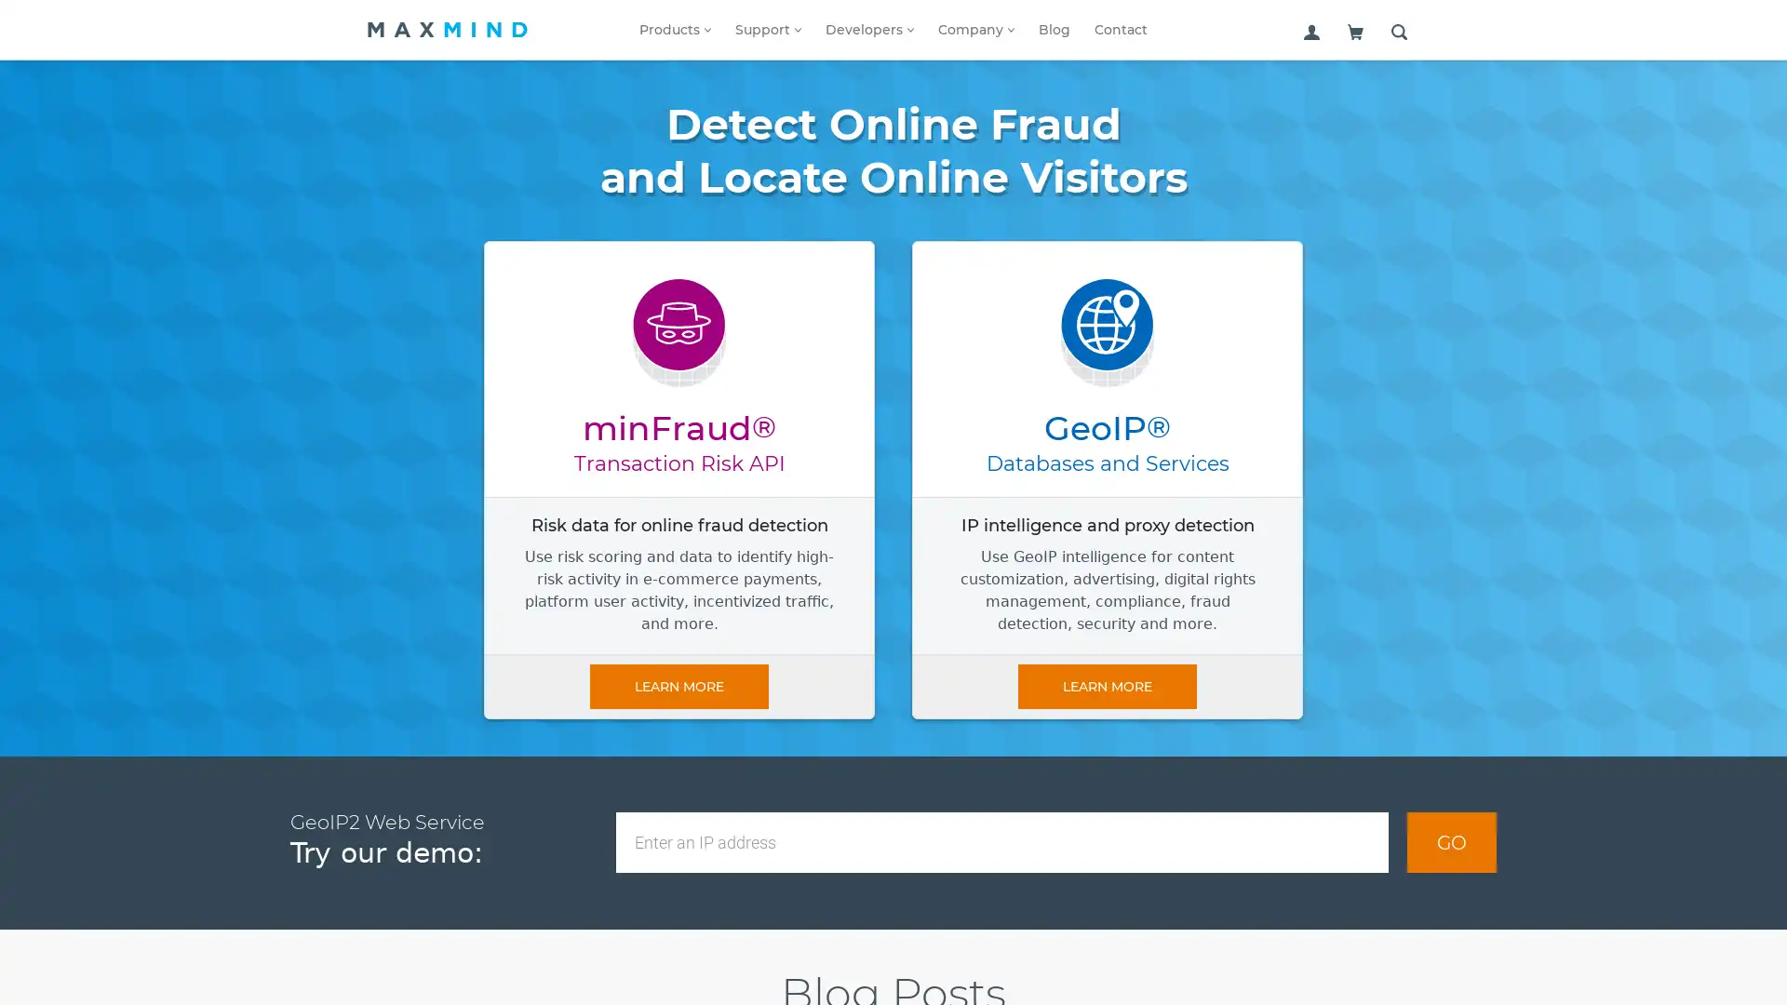 This screenshot has height=1005, width=1787. I want to click on Contact, so click(1120, 29).